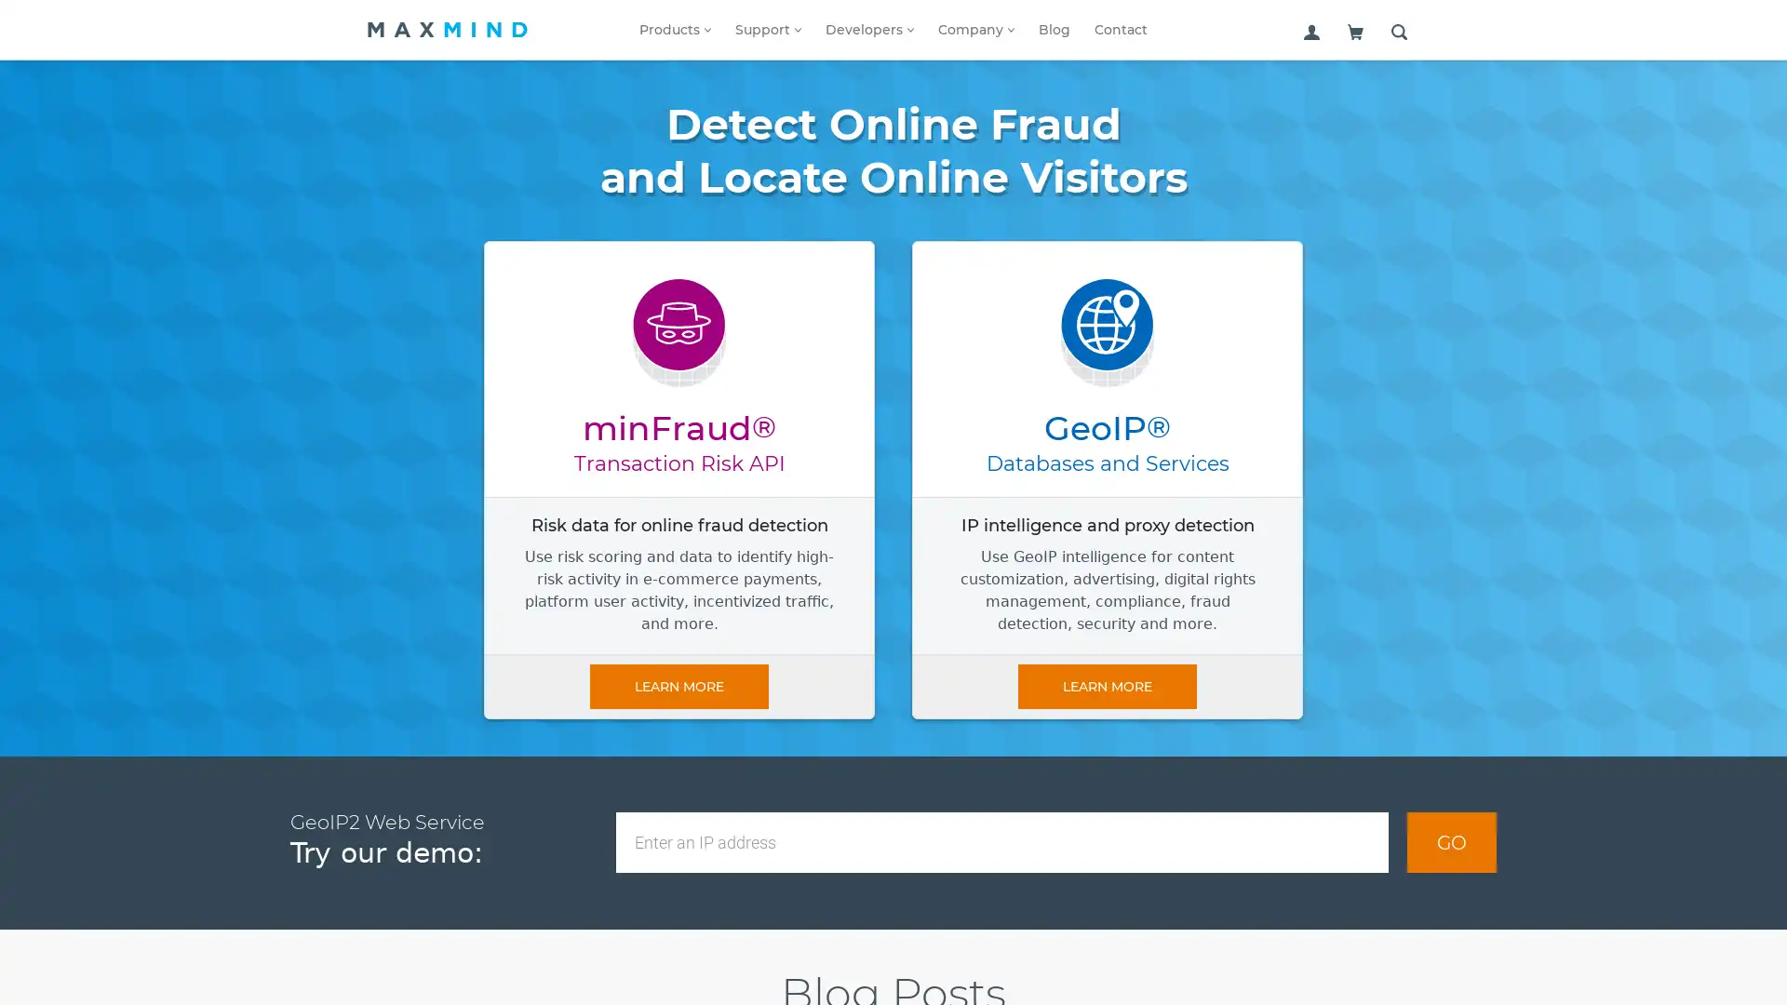 This screenshot has height=1005, width=1787. I want to click on Contact, so click(1120, 29).